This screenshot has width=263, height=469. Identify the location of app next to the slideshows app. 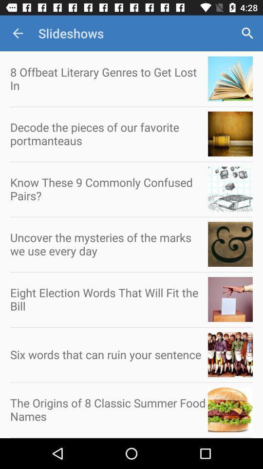
(247, 33).